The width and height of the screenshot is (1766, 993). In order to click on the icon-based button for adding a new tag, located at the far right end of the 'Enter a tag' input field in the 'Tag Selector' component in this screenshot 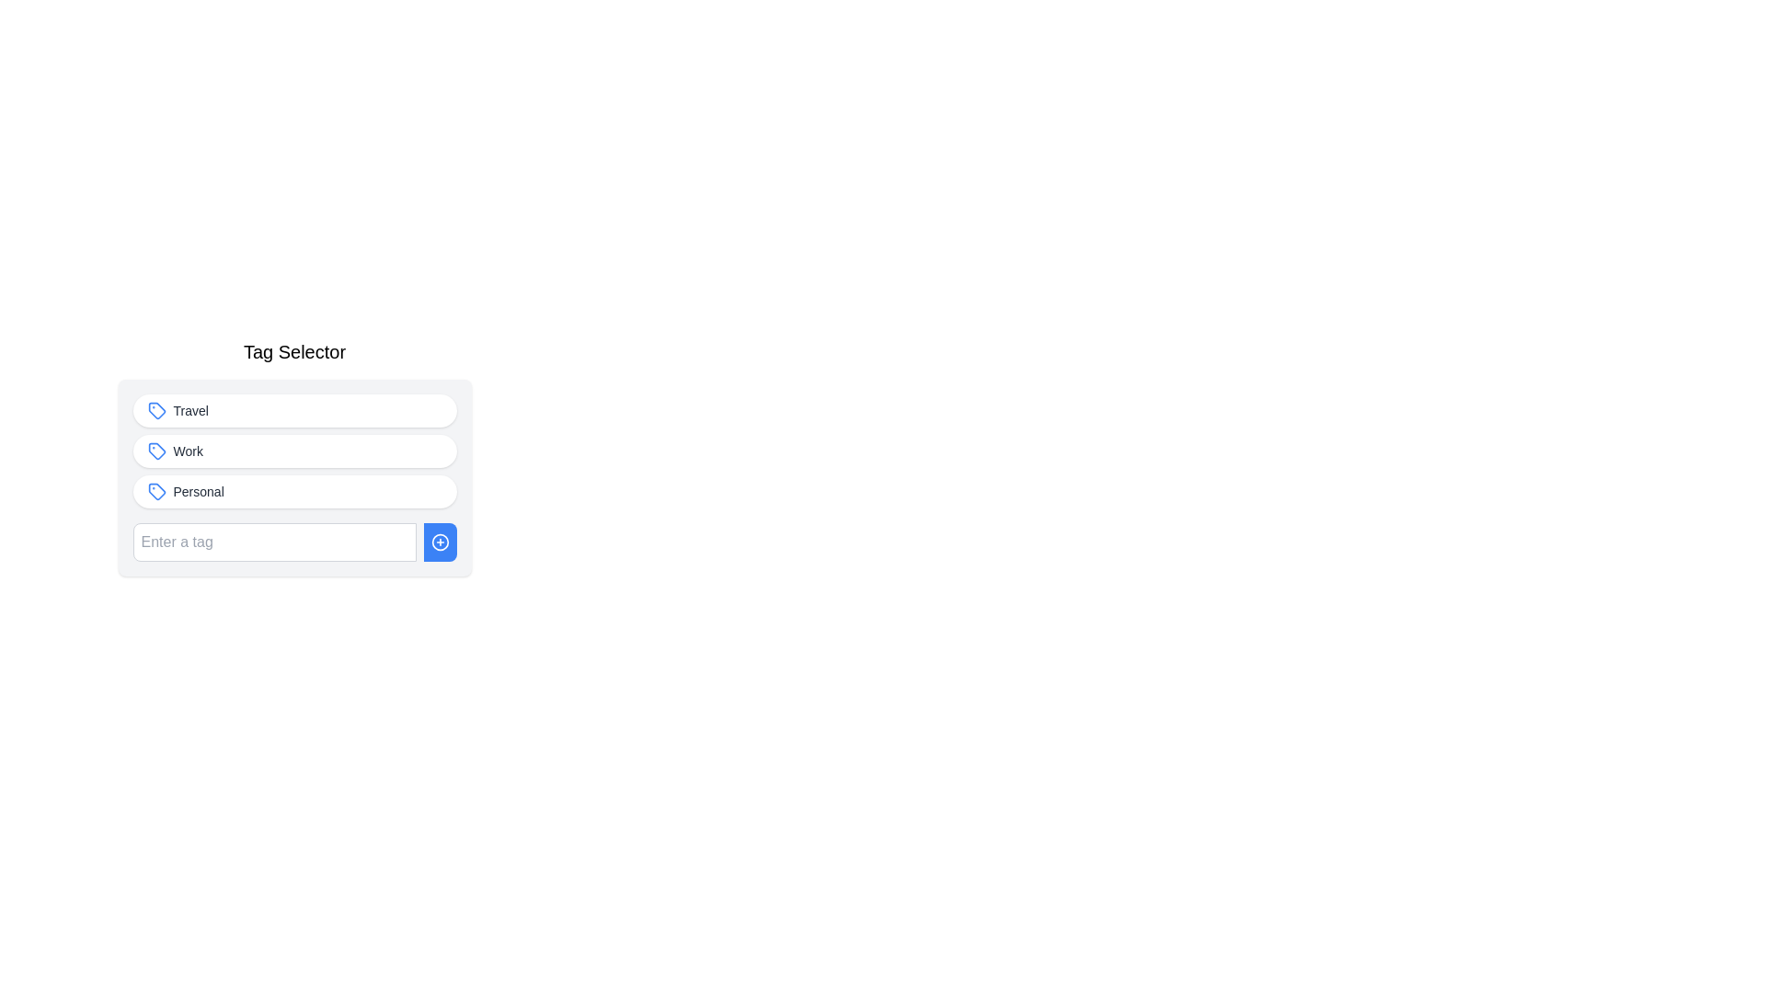, I will do `click(439, 542)`.